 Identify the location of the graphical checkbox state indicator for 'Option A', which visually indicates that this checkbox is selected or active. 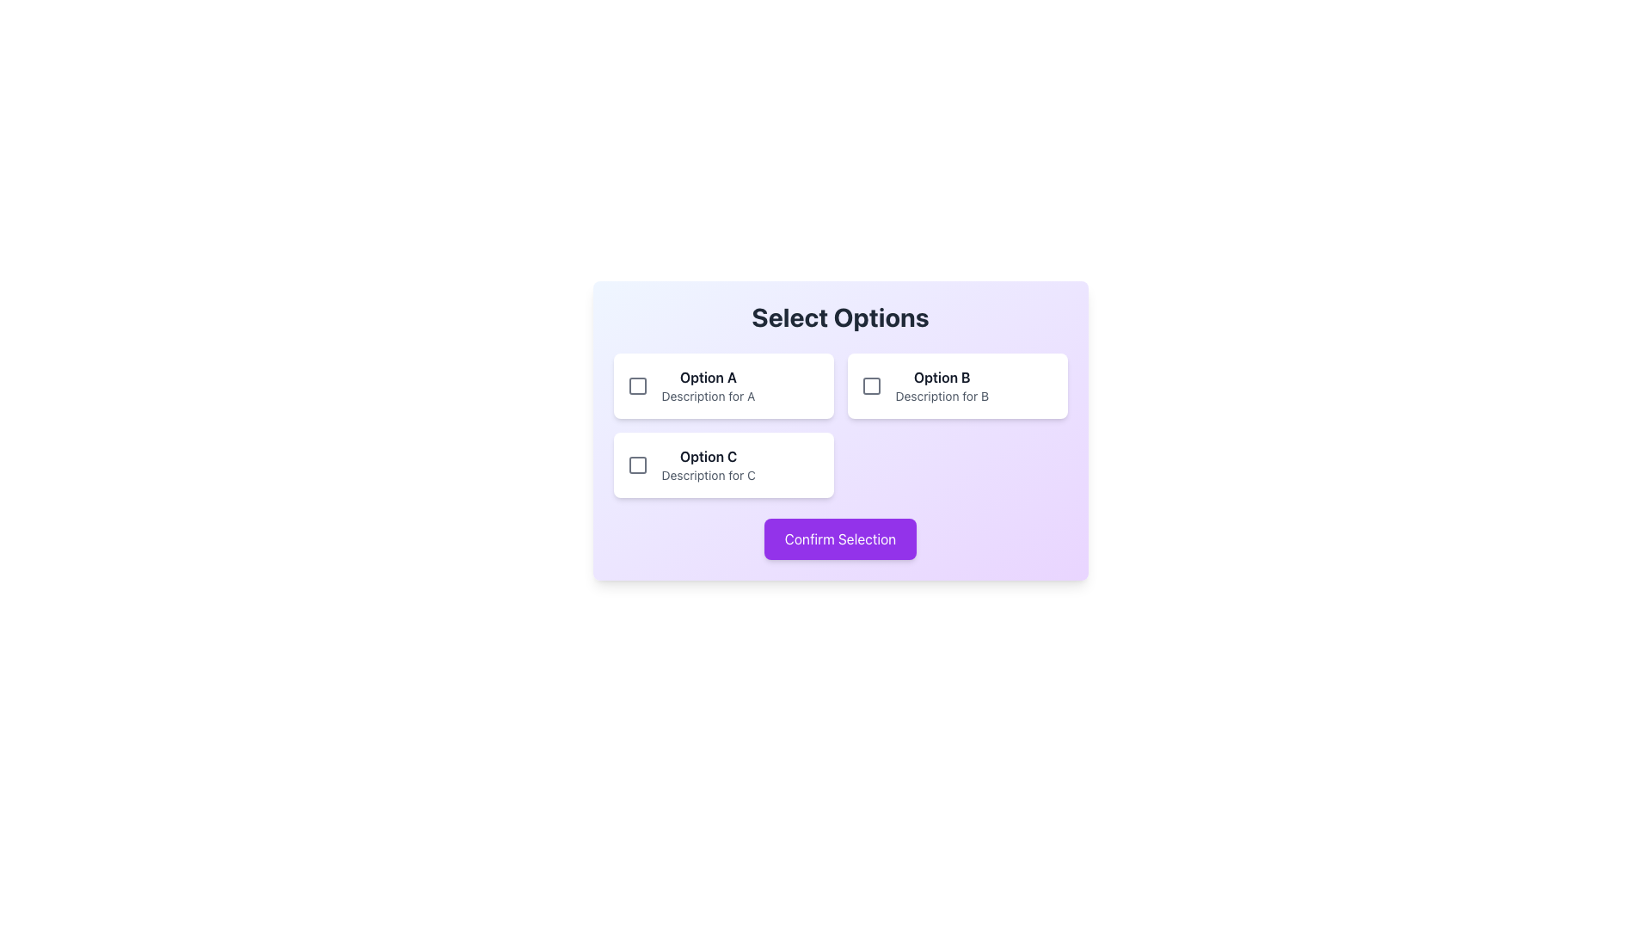
(636, 385).